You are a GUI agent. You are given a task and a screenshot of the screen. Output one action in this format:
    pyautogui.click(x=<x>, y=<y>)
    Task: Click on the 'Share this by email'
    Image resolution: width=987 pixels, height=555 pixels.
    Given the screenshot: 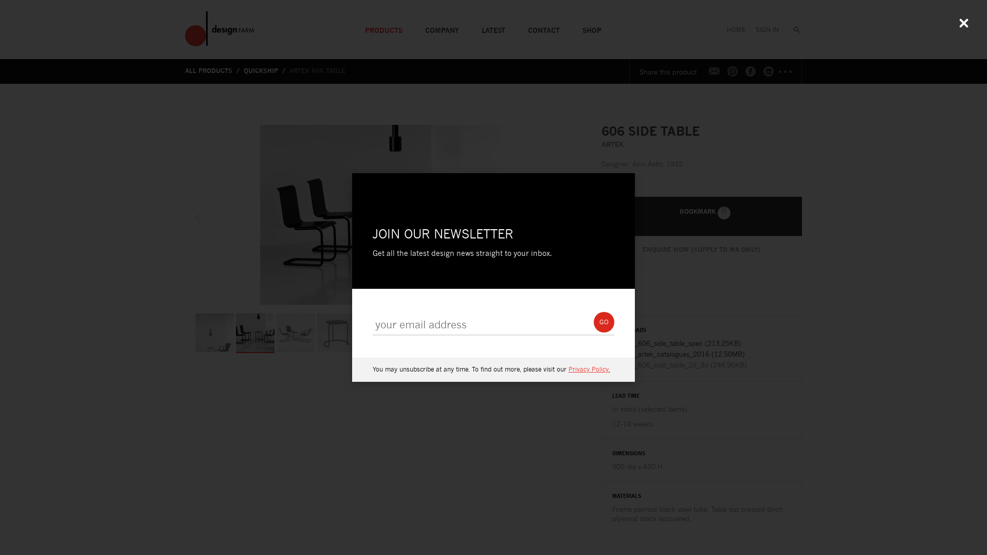 What is the action you would take?
    pyautogui.click(x=714, y=70)
    